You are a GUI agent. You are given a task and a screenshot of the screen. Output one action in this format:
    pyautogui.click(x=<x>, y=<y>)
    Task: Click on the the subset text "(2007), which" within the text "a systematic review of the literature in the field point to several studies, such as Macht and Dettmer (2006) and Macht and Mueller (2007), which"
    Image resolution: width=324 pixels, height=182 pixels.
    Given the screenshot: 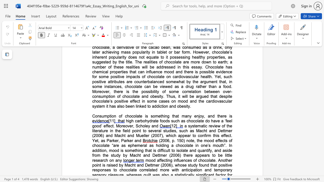 What is the action you would take?
    pyautogui.click(x=151, y=135)
    